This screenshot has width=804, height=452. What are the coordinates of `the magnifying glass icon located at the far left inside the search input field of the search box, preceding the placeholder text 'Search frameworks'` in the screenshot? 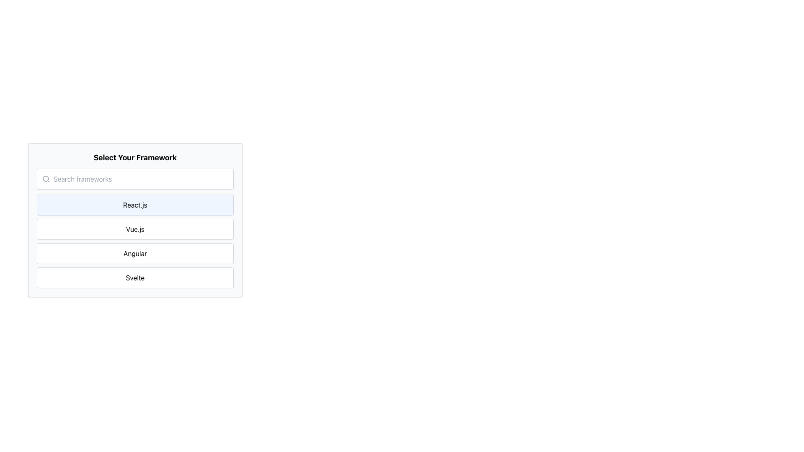 It's located at (46, 179).